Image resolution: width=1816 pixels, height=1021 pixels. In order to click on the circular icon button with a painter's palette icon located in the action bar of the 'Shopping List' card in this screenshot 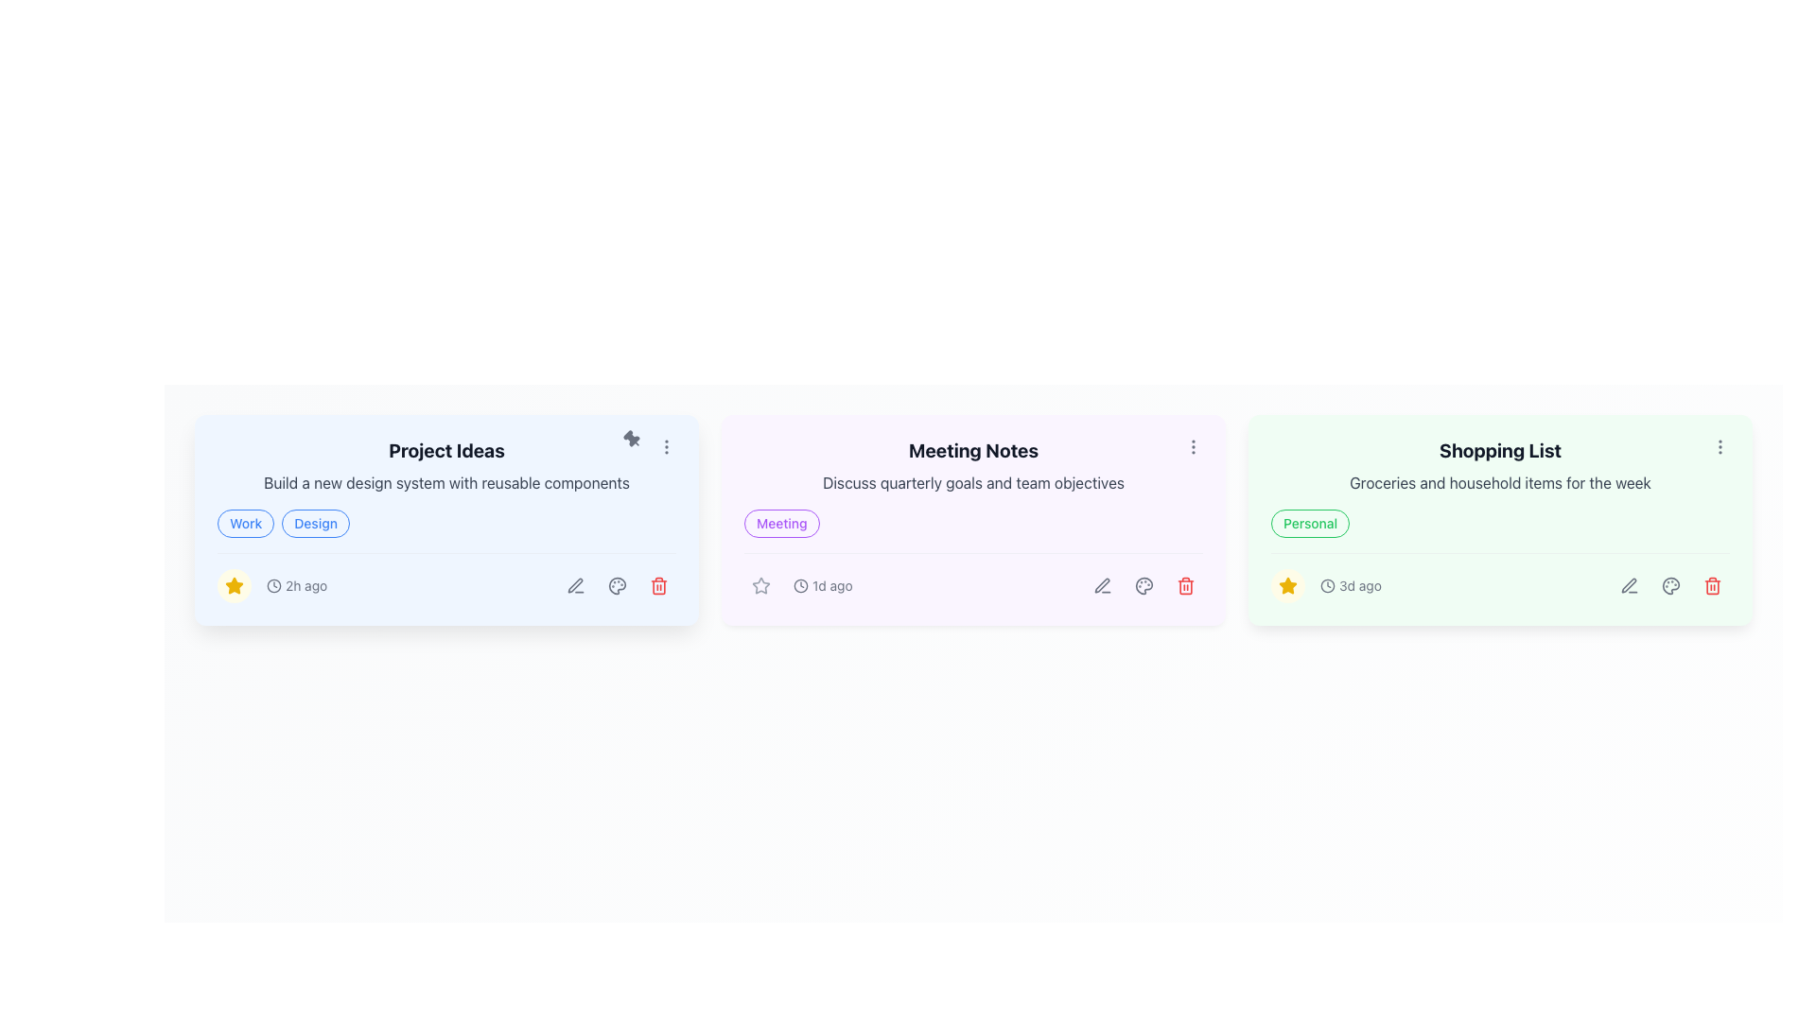, I will do `click(1670, 585)`.